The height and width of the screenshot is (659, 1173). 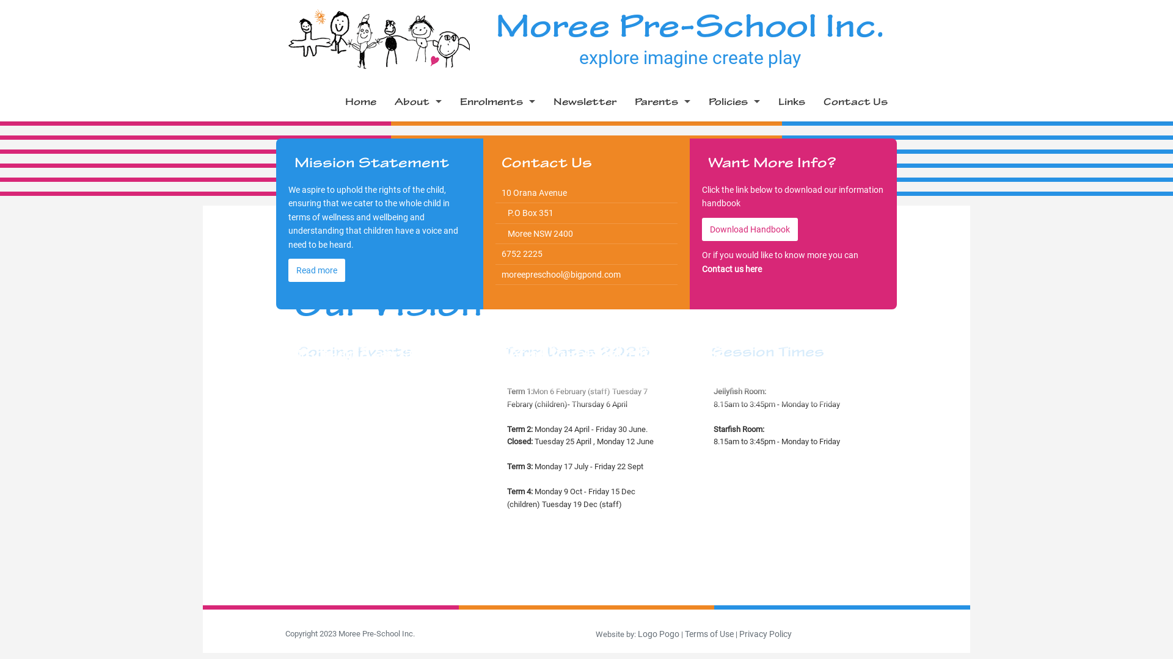 I want to click on 'Useful Contacts', so click(x=418, y=265).